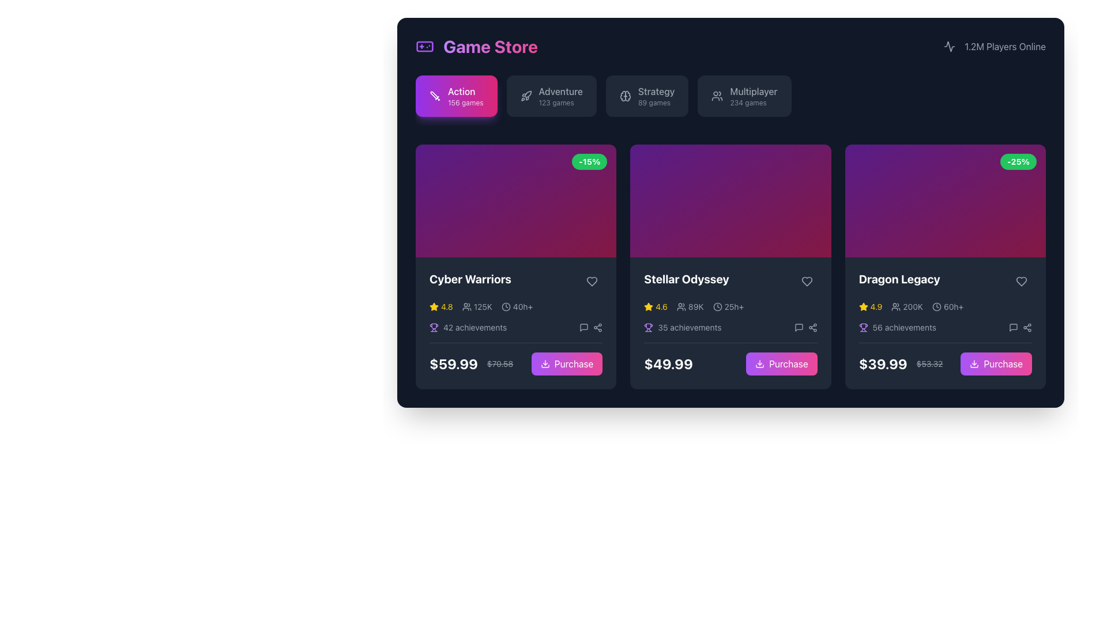 The height and width of the screenshot is (622, 1107). What do you see at coordinates (461, 90) in the screenshot?
I see `the text label that categorizes the content under the 'Action' genre within the button labeled 'Action 156 games'` at bounding box center [461, 90].